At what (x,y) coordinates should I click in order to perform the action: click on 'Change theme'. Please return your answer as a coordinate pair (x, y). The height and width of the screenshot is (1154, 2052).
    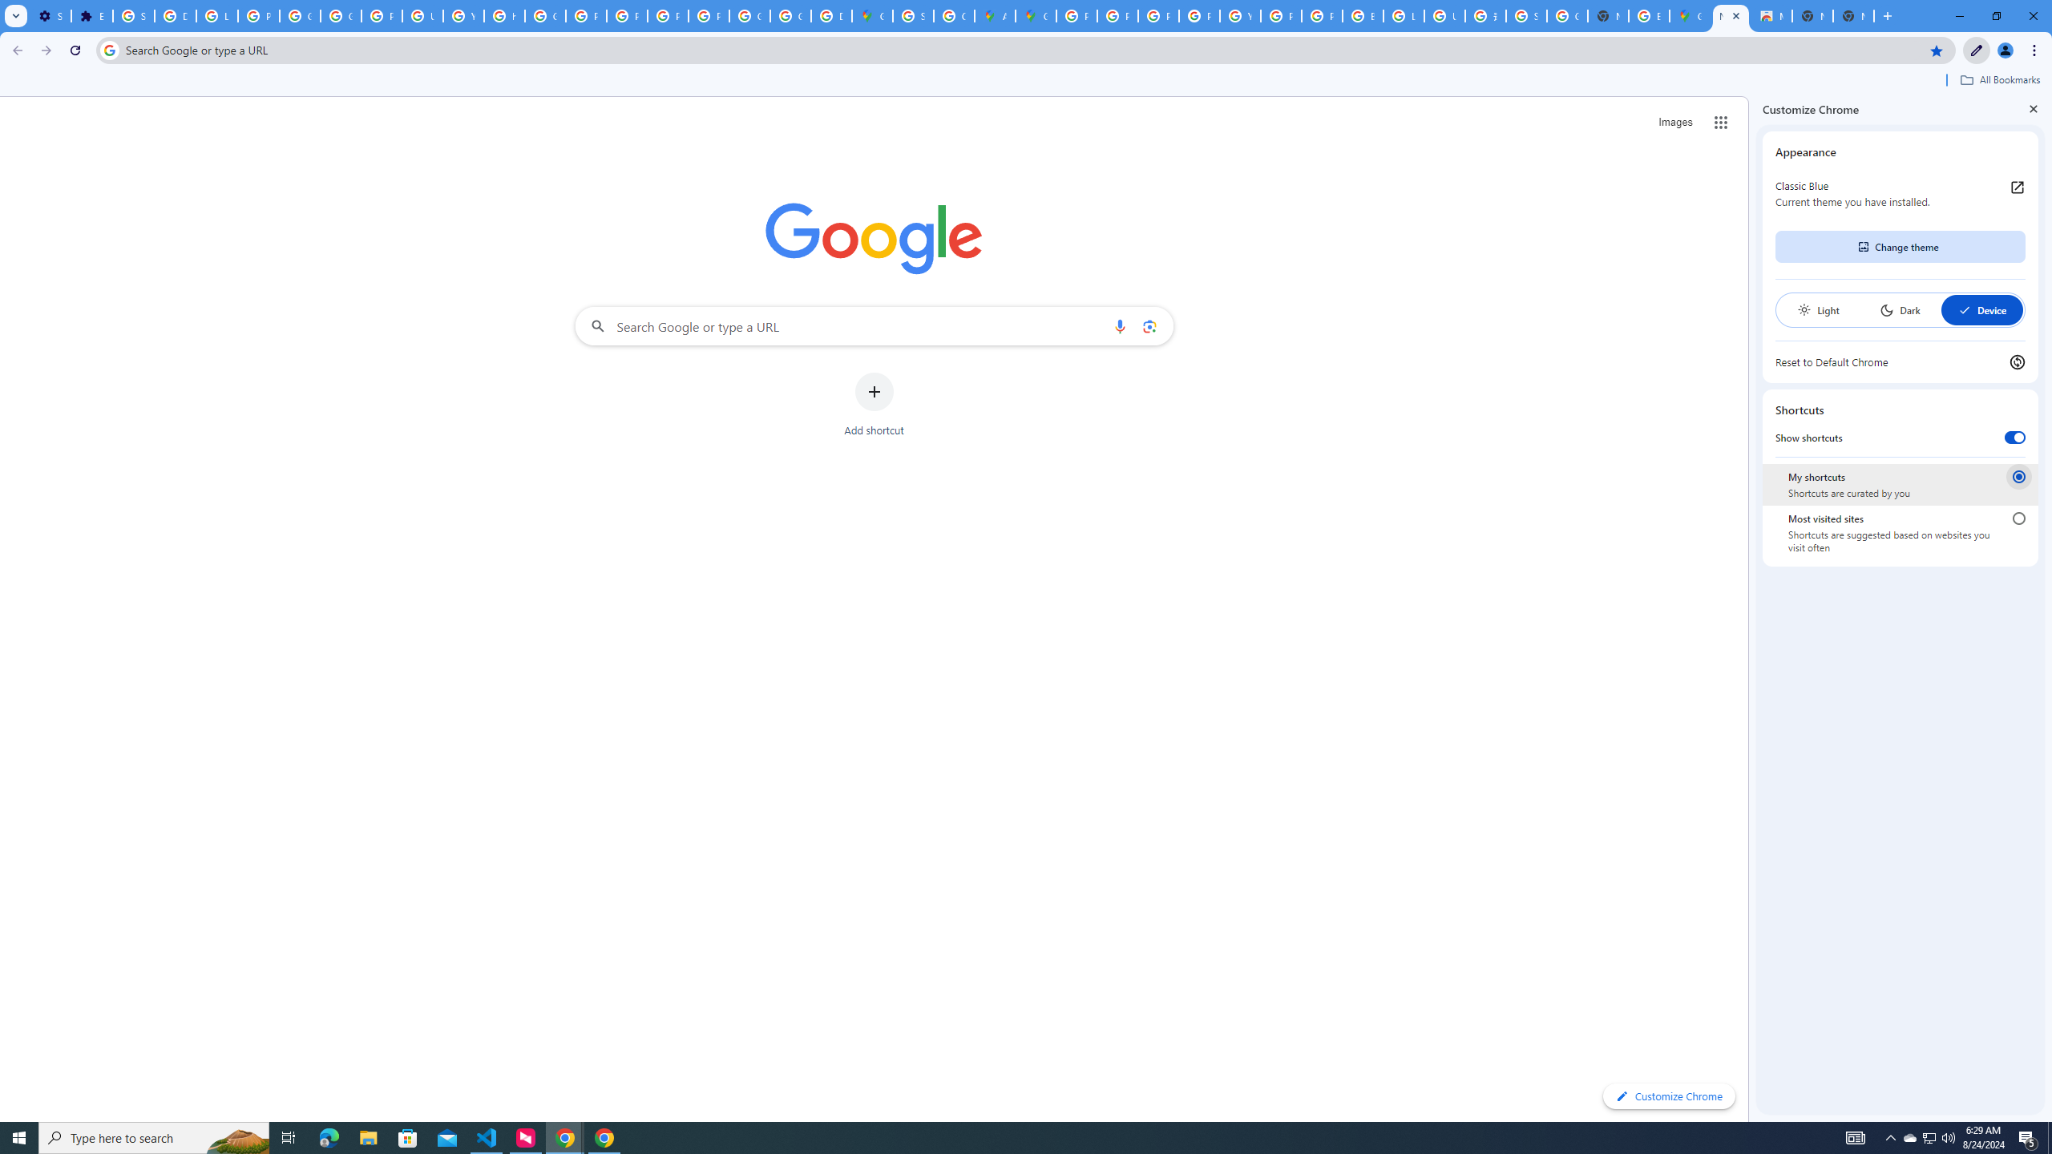
    Looking at the image, I should click on (1899, 246).